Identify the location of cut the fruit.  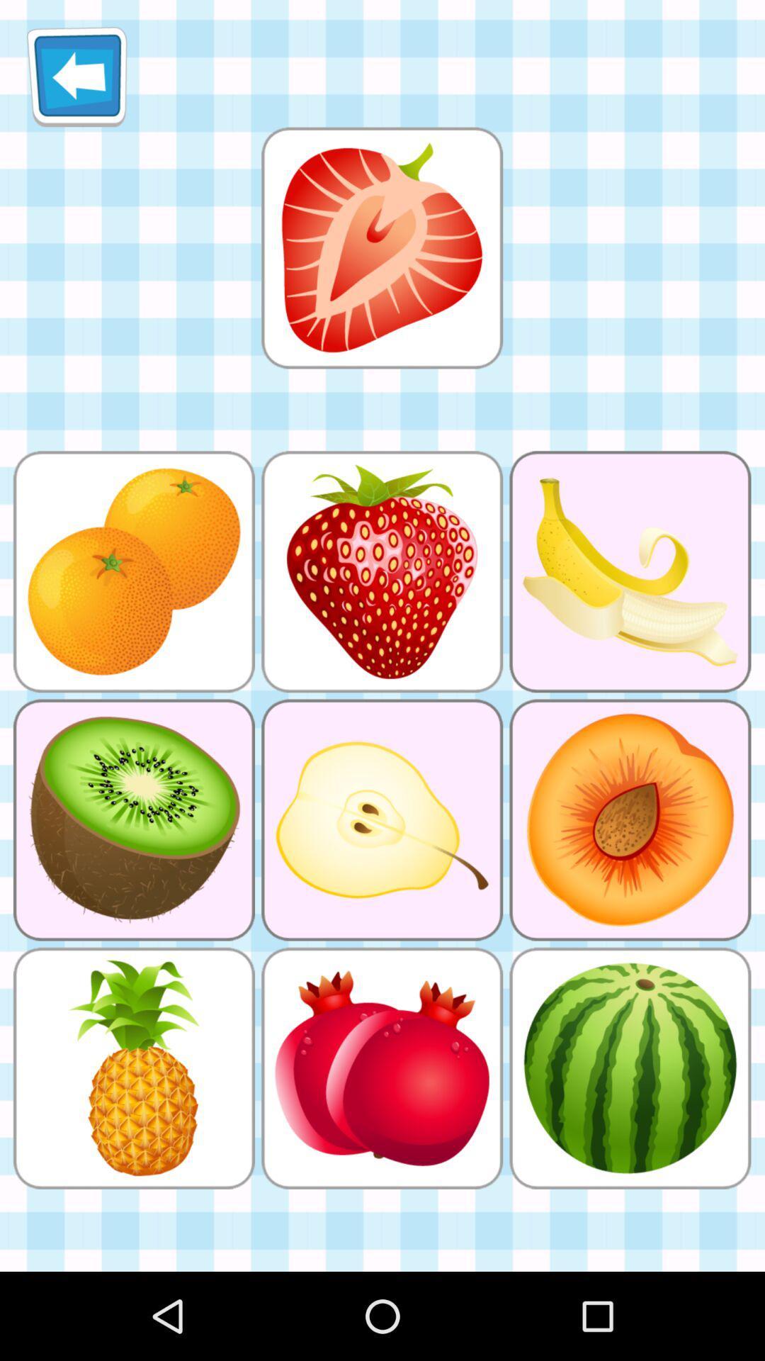
(381, 247).